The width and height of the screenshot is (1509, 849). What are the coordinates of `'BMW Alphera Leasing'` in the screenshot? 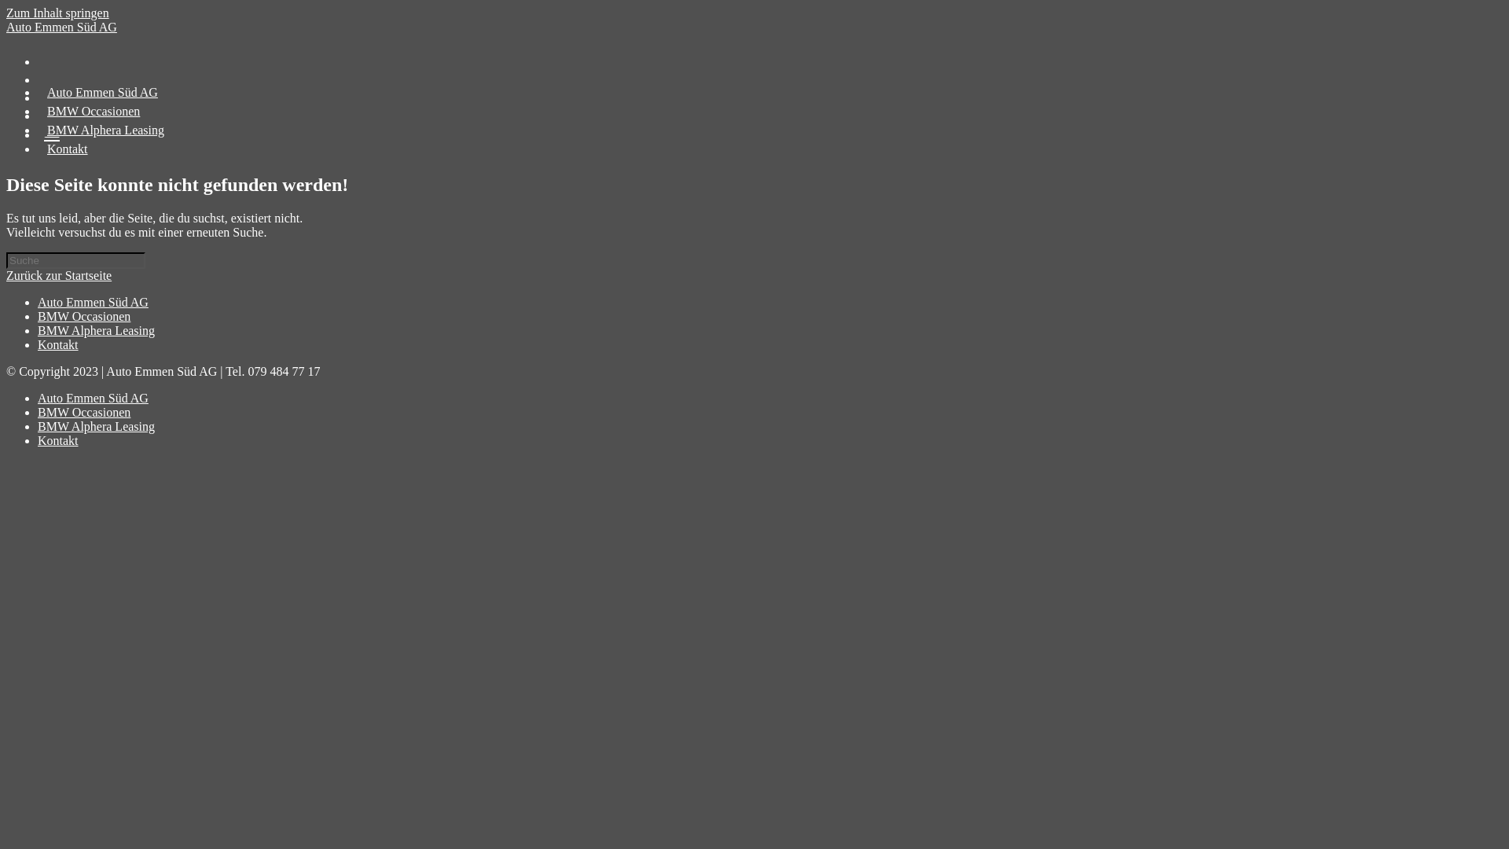 It's located at (95, 329).